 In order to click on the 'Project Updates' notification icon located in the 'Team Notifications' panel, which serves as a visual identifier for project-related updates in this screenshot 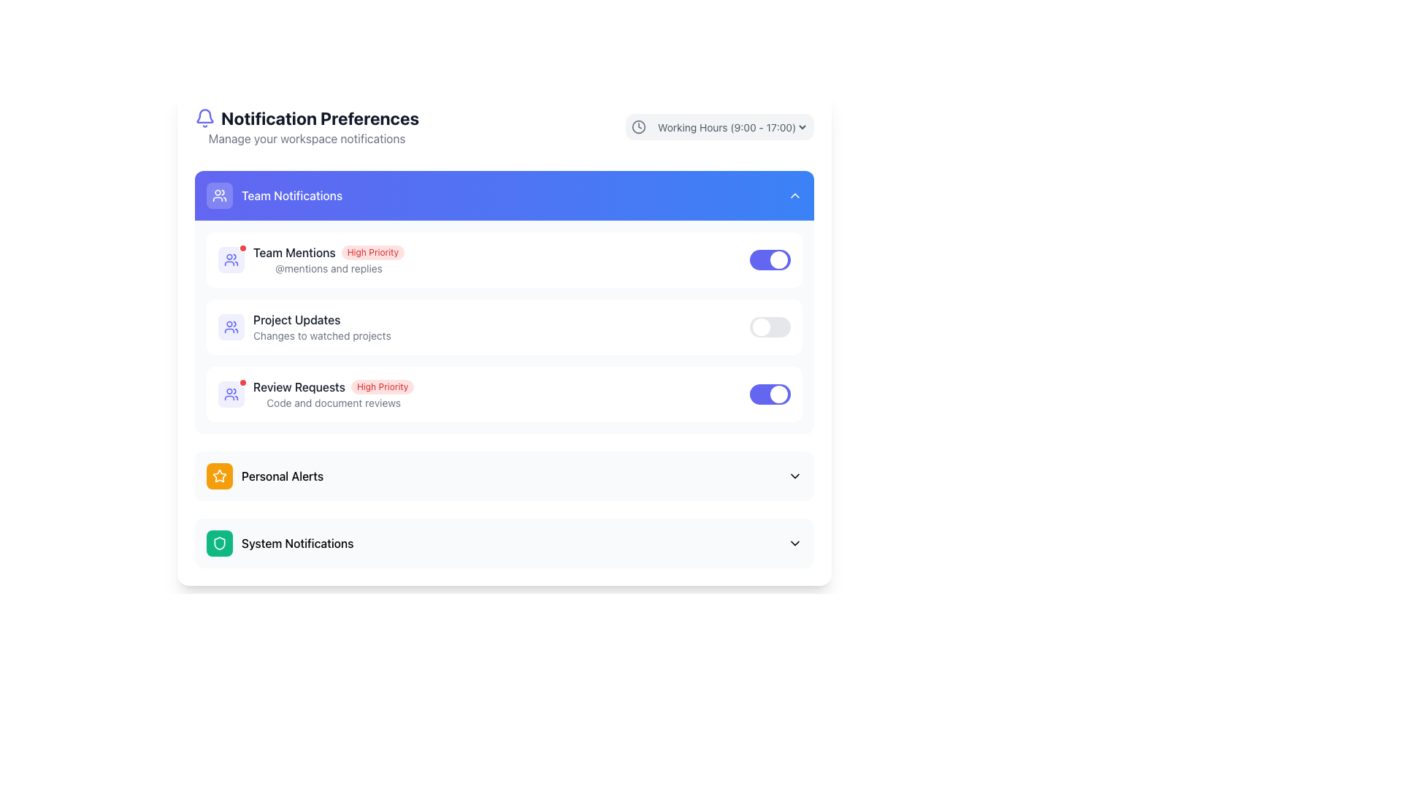, I will do `click(230, 326)`.